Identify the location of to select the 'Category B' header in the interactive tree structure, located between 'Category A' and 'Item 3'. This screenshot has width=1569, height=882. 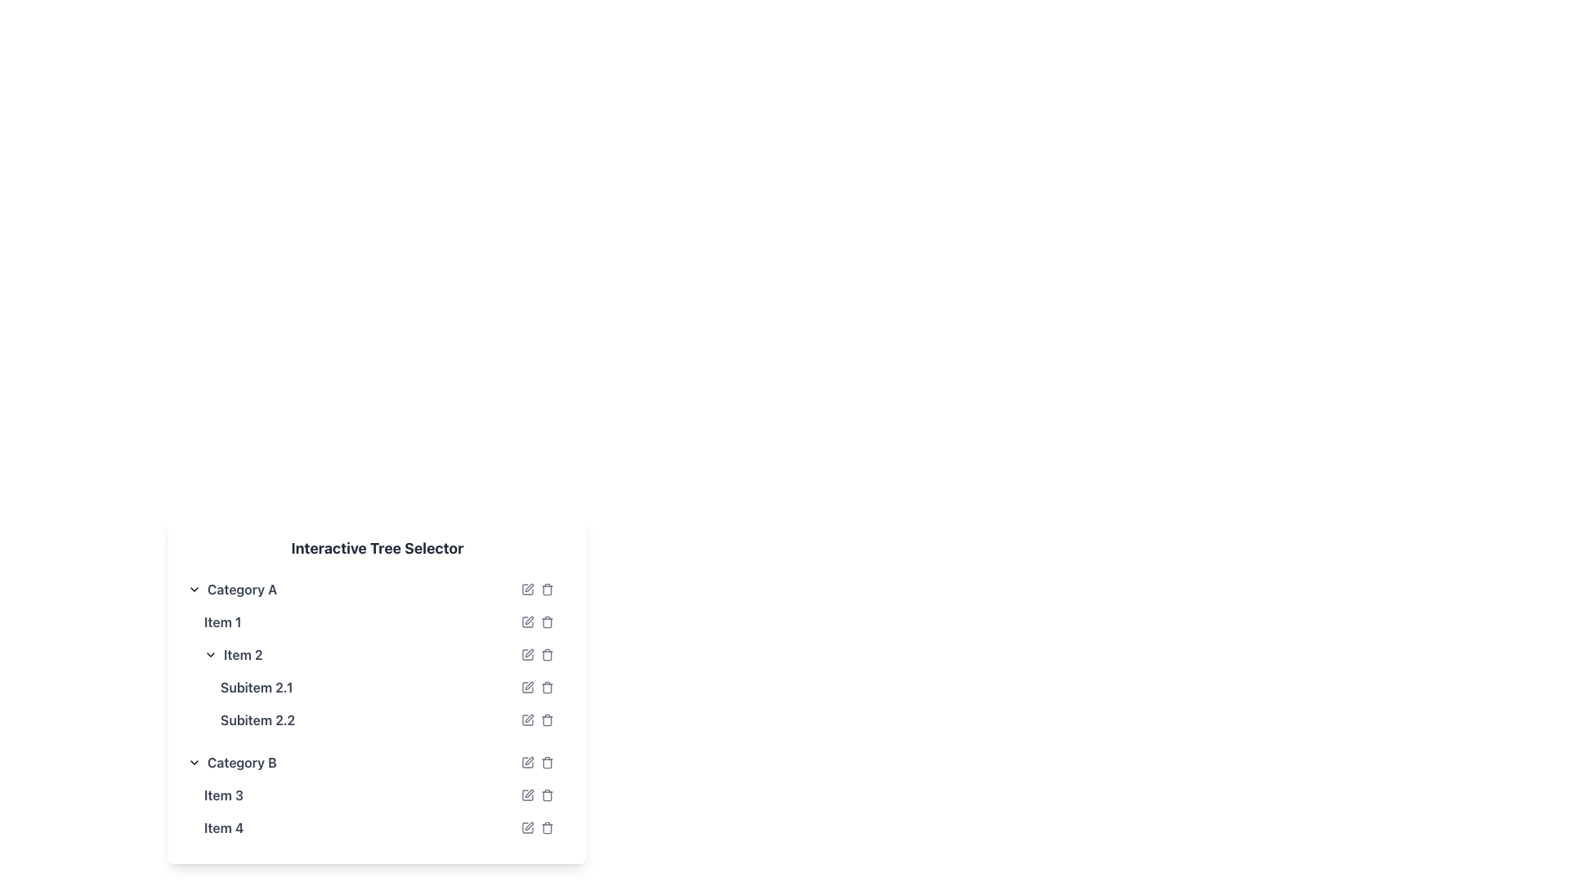
(231, 762).